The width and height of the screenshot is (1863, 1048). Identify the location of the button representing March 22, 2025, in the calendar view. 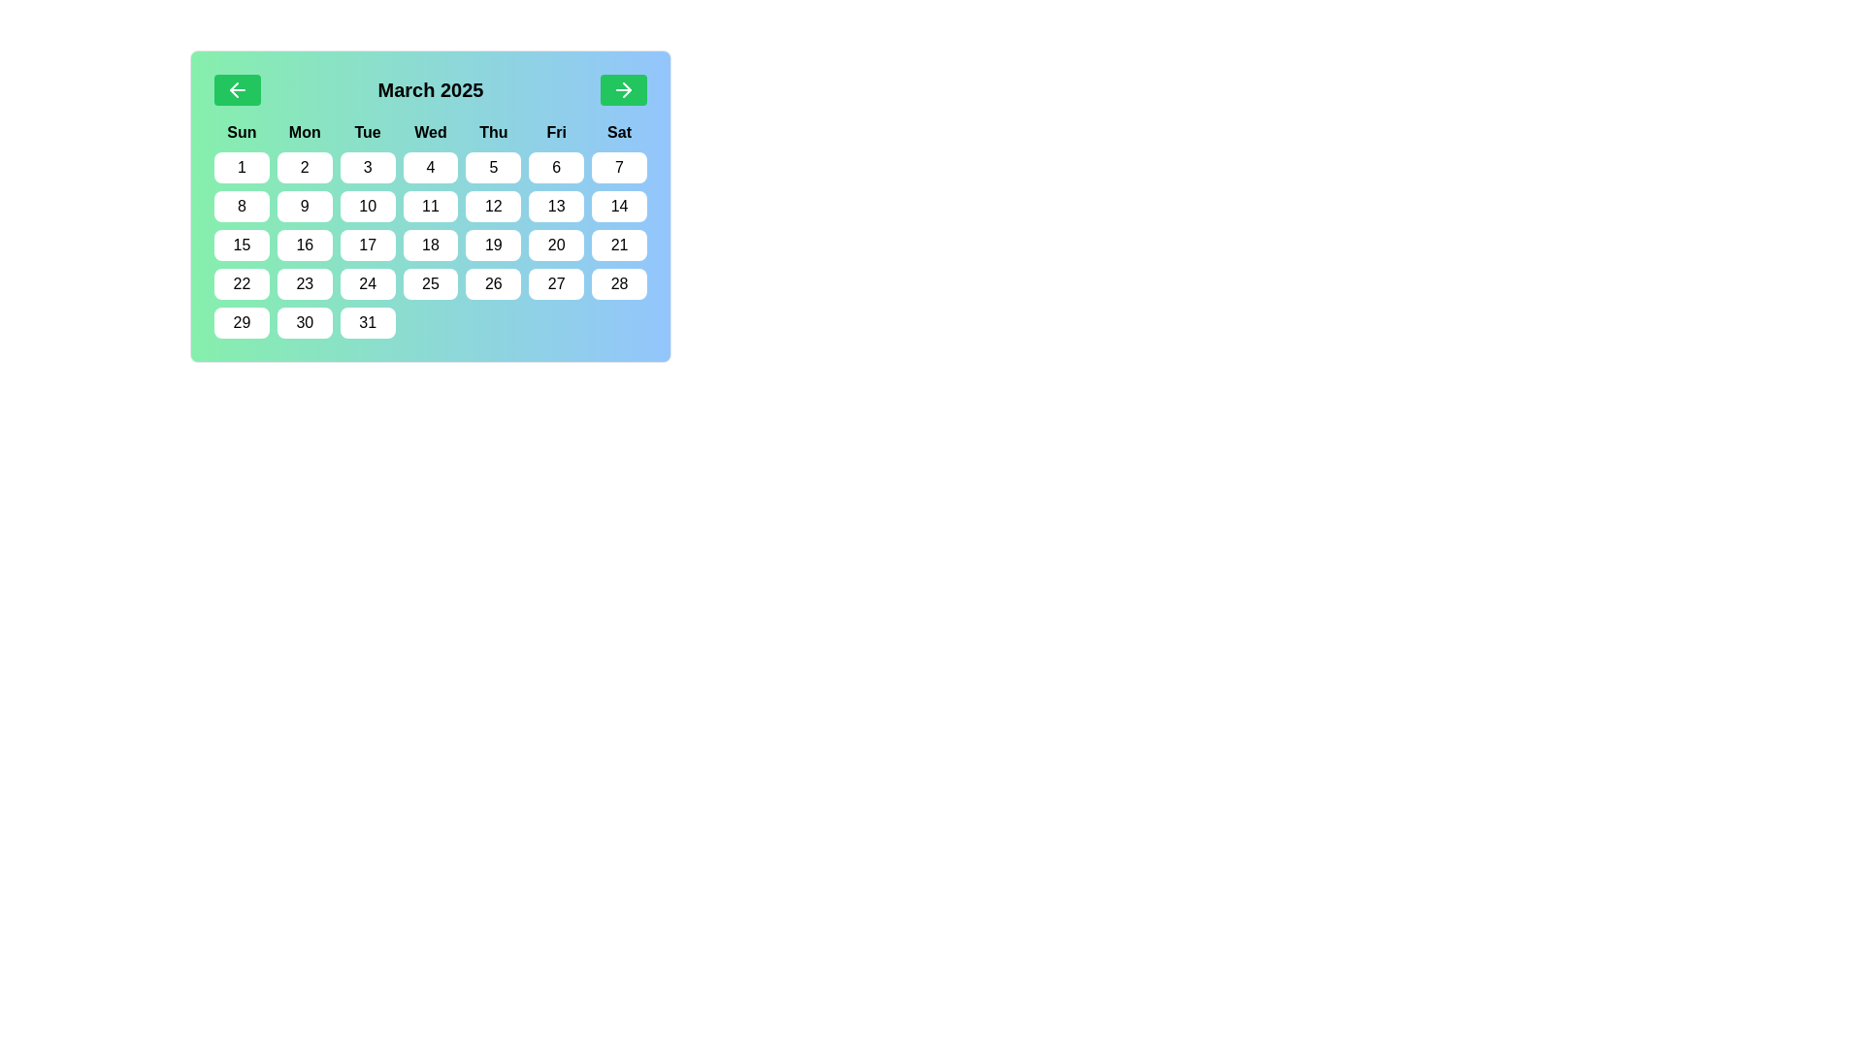
(241, 284).